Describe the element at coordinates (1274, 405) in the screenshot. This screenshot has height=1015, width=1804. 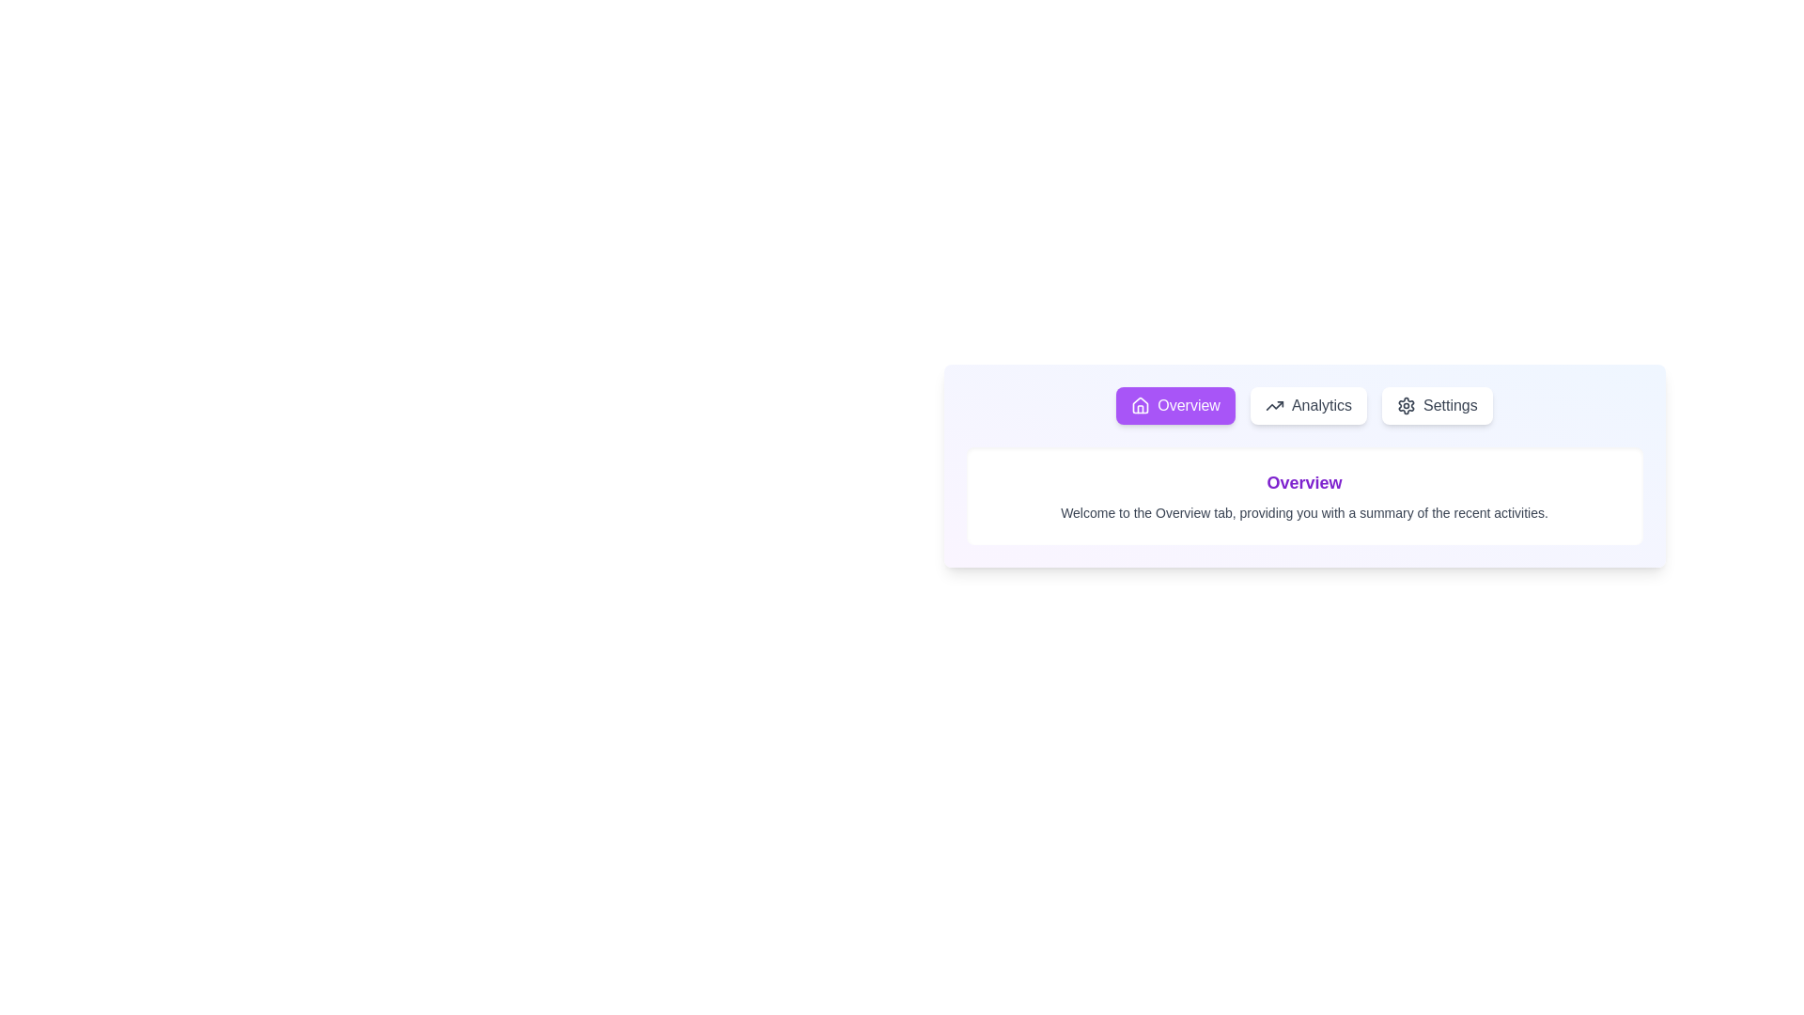
I see `the 'Analytics' button which is associated with the upward trending arrow icon located on the left side of the text label 'Analytics'` at that location.